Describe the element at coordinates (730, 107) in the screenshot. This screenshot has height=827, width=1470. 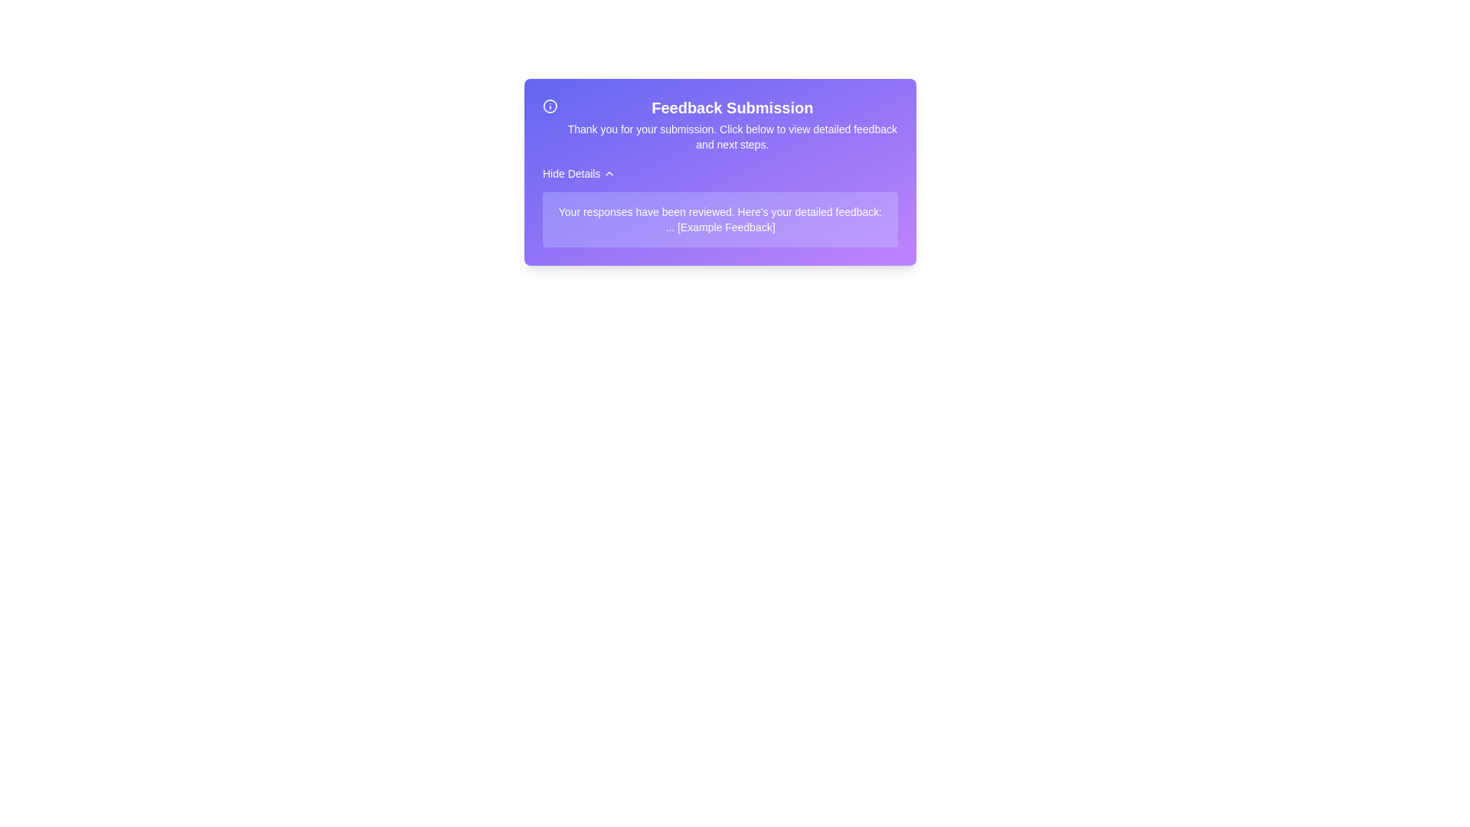
I see `the feedback title to interact with it` at that location.